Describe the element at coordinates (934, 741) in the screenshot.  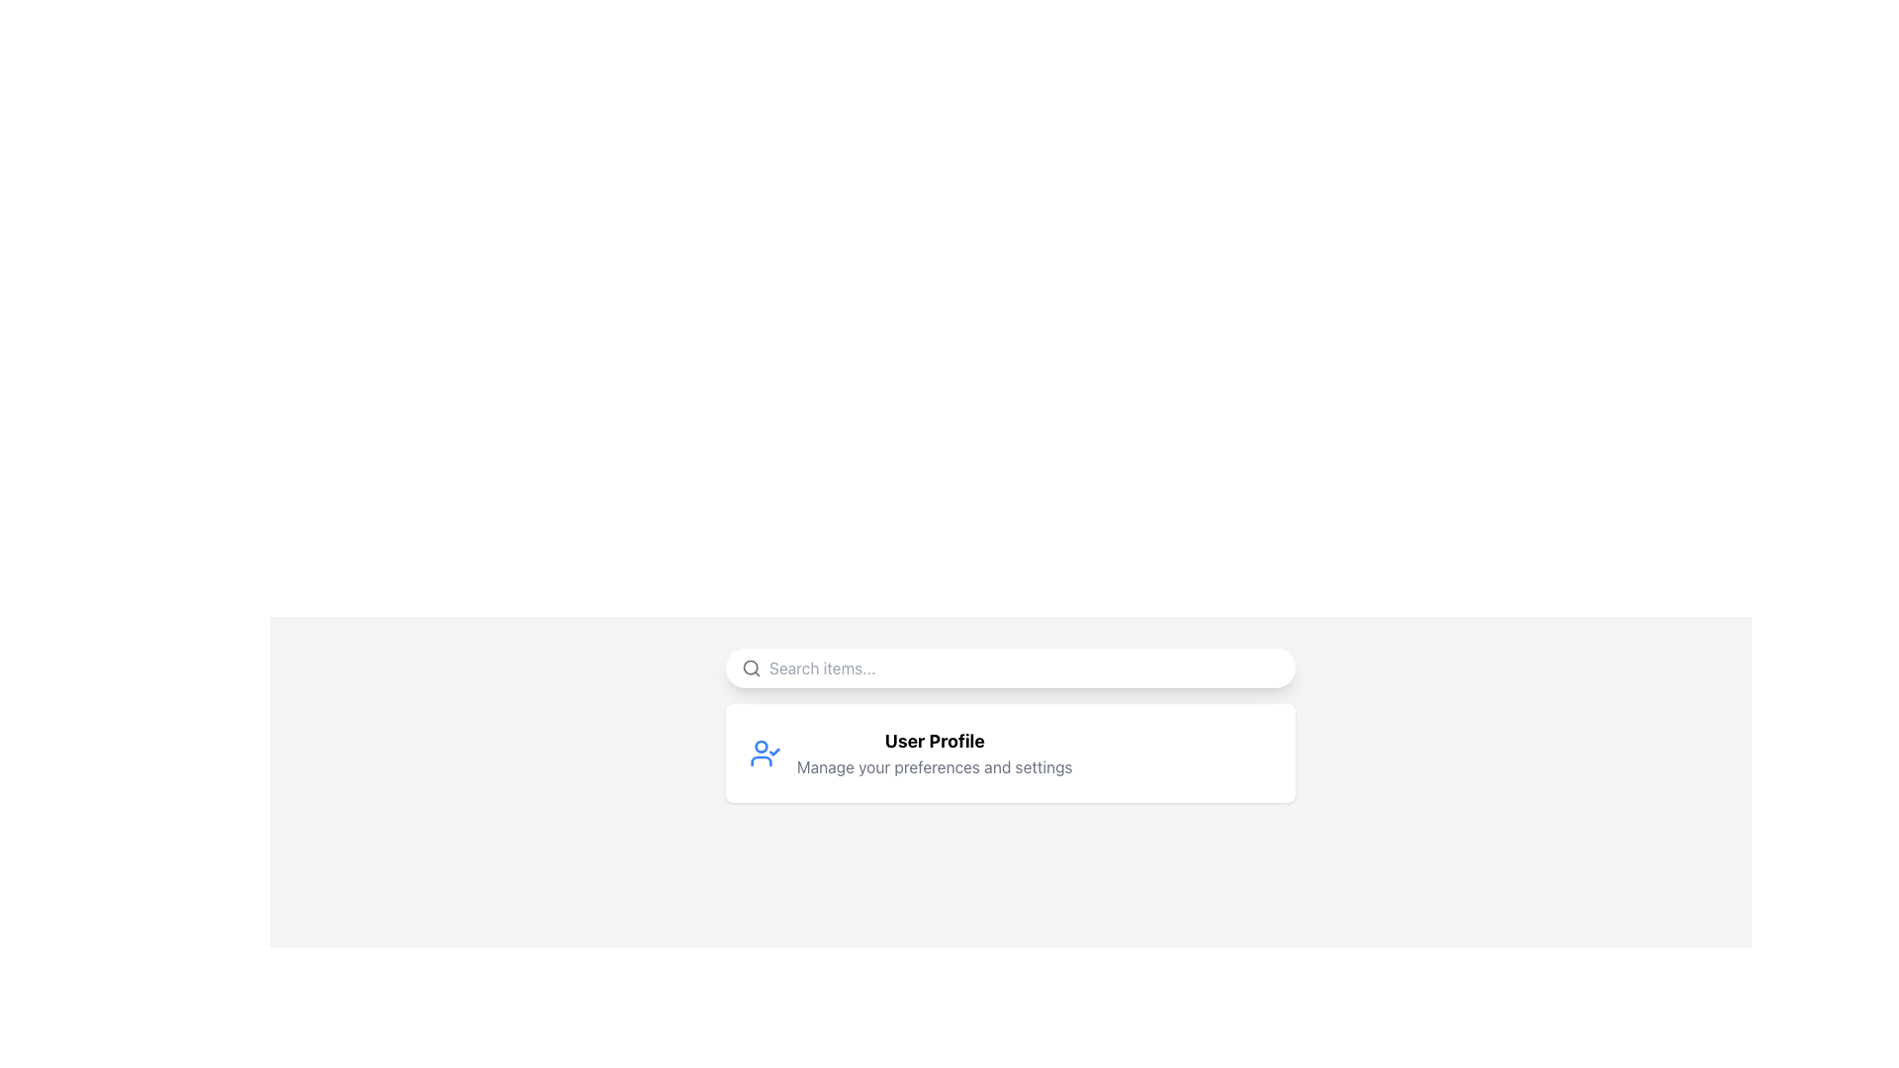
I see `the header text label that indicates the purpose of the section within the card, located centrally above the secondary text 'Manage your preferences and settings'` at that location.